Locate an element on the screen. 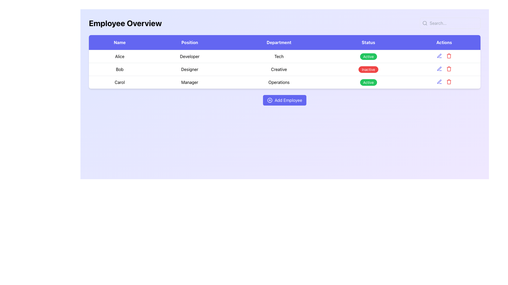 The width and height of the screenshot is (508, 285). the edit action icon button for the entry of 'Bob' in the 'Employee Overview' table to change its color is located at coordinates (439, 56).